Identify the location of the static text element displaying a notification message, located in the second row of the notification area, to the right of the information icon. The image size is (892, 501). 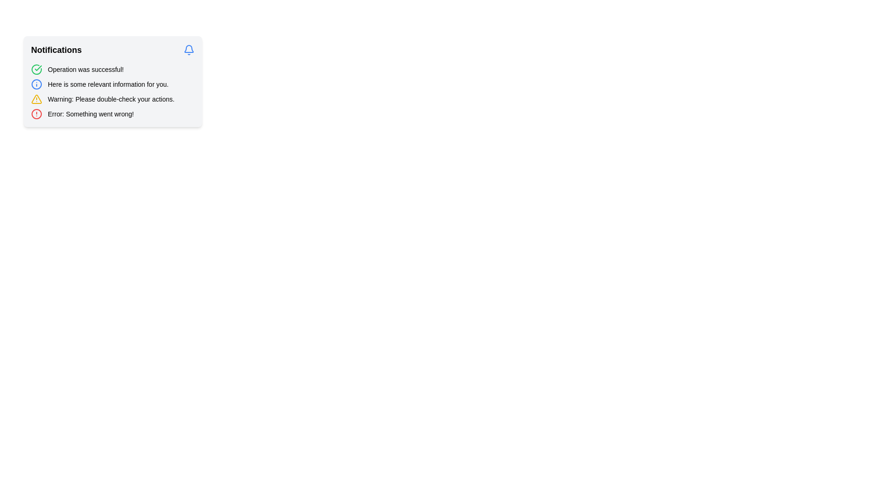
(108, 84).